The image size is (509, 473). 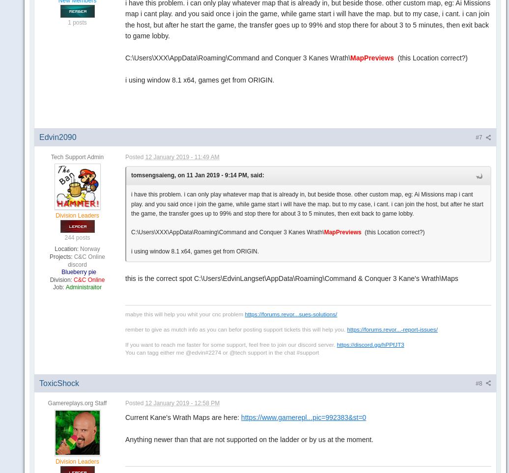 I want to click on '244 posts', so click(x=77, y=237).